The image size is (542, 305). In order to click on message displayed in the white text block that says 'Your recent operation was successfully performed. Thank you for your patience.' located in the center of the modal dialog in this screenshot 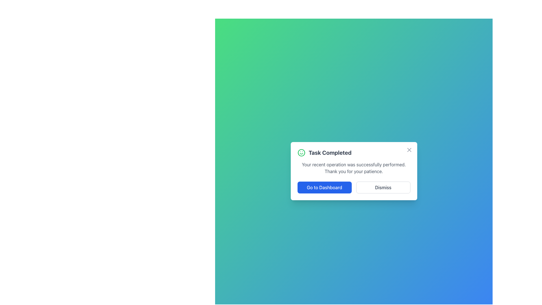, I will do `click(353, 167)`.